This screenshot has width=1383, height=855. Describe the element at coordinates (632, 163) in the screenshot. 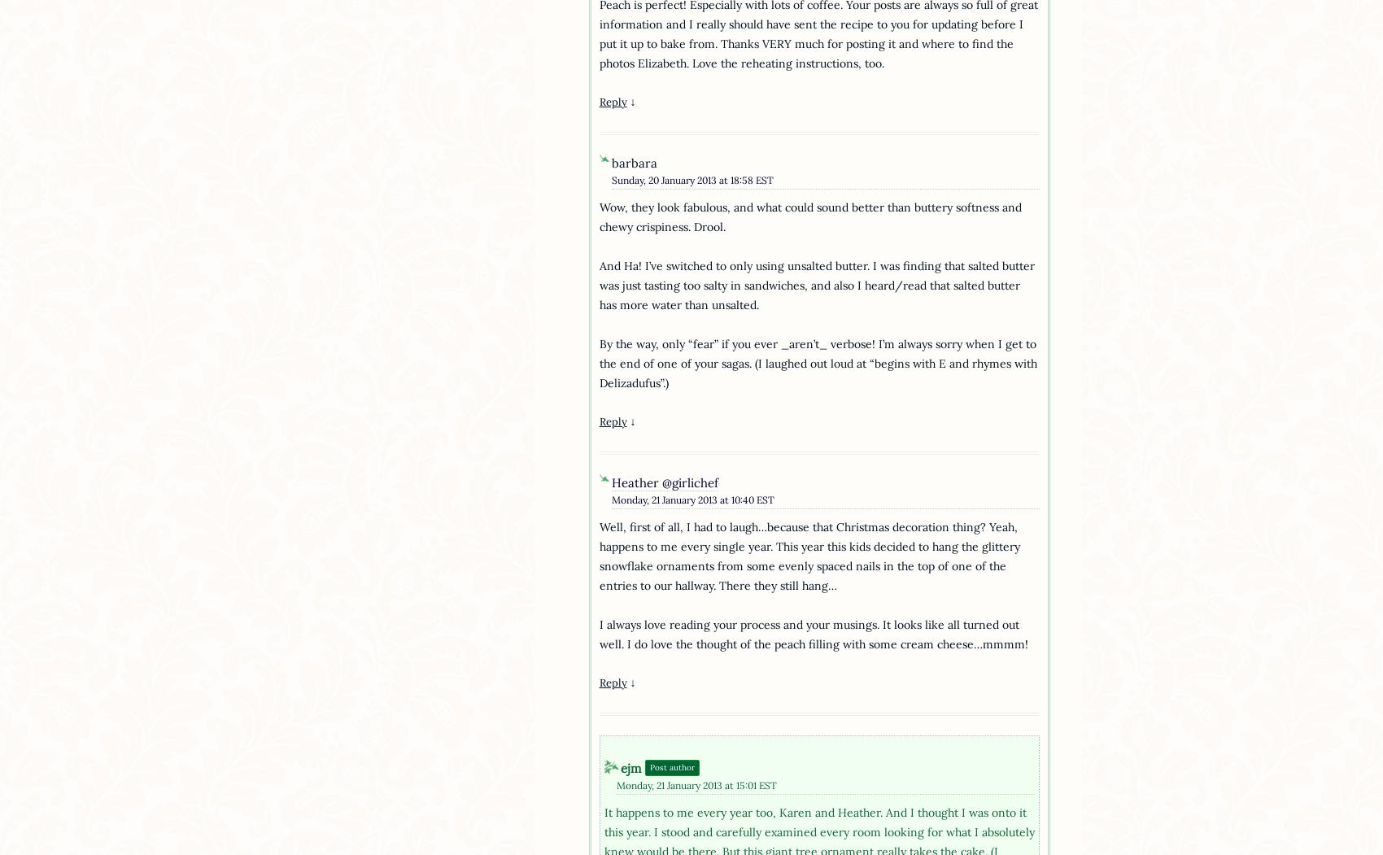

I see `'barbara'` at that location.